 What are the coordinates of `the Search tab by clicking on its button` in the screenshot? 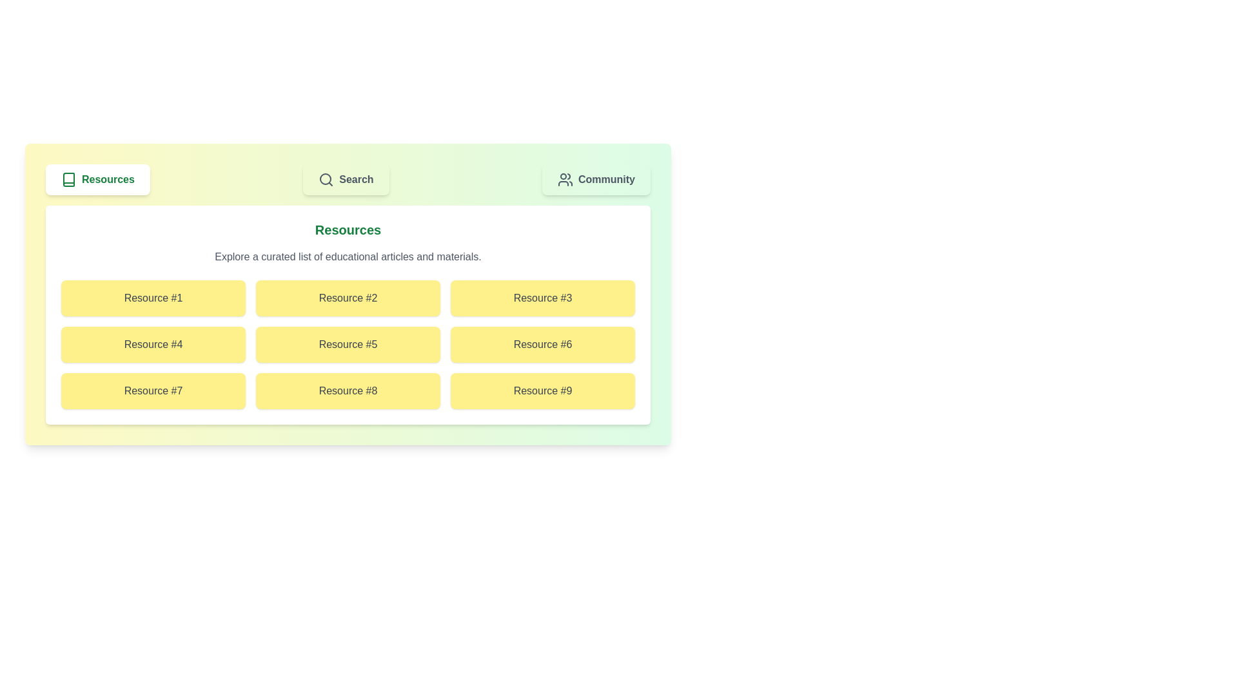 It's located at (346, 179).